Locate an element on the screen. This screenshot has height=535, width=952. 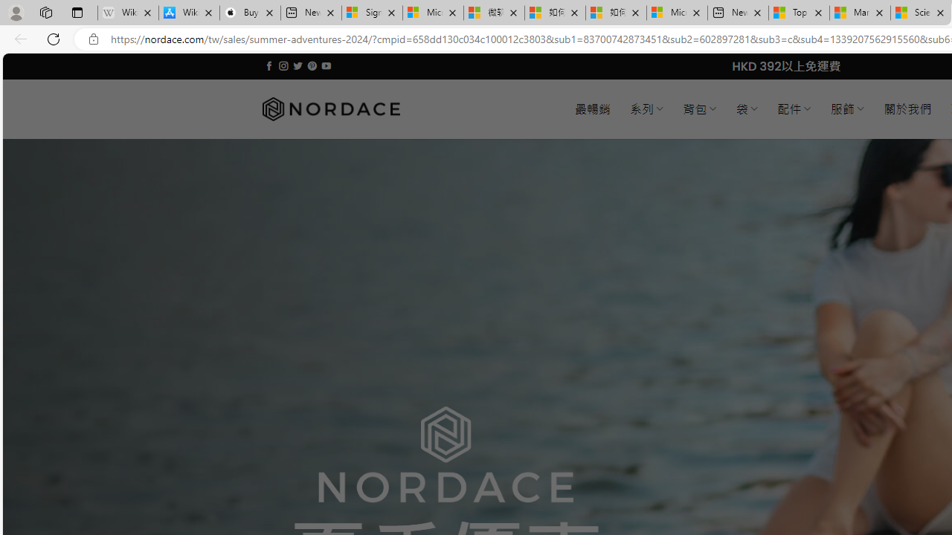
'Follow on YouTube' is located at coordinates (326, 65).